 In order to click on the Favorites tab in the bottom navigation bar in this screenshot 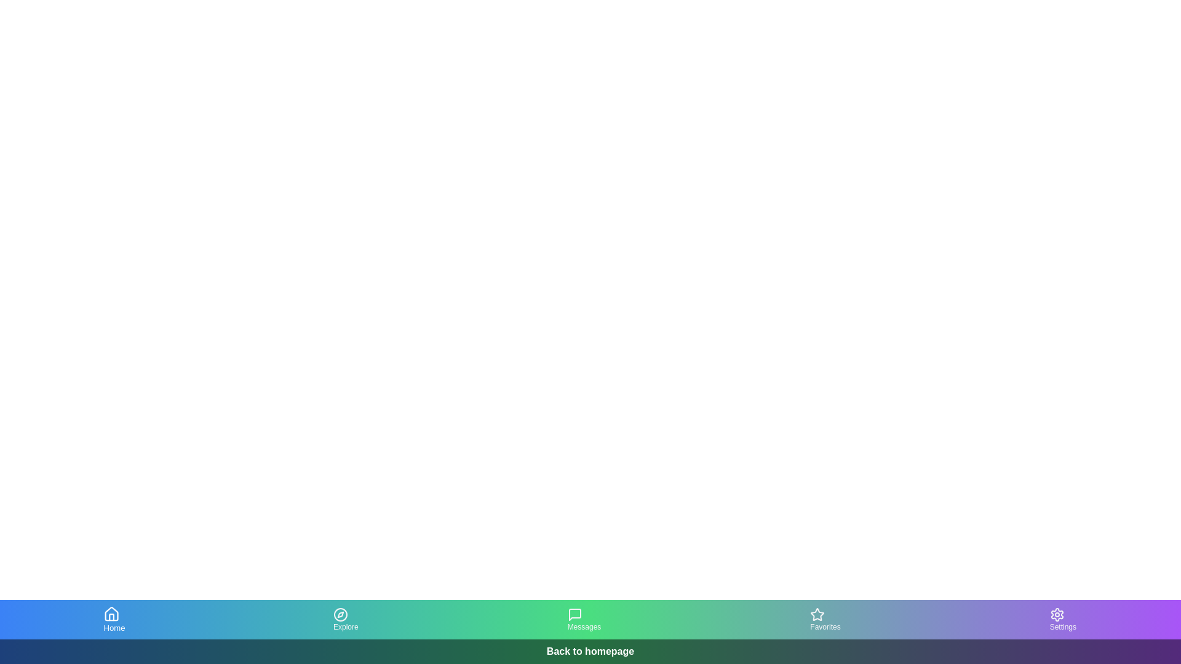, I will do `click(825, 619)`.